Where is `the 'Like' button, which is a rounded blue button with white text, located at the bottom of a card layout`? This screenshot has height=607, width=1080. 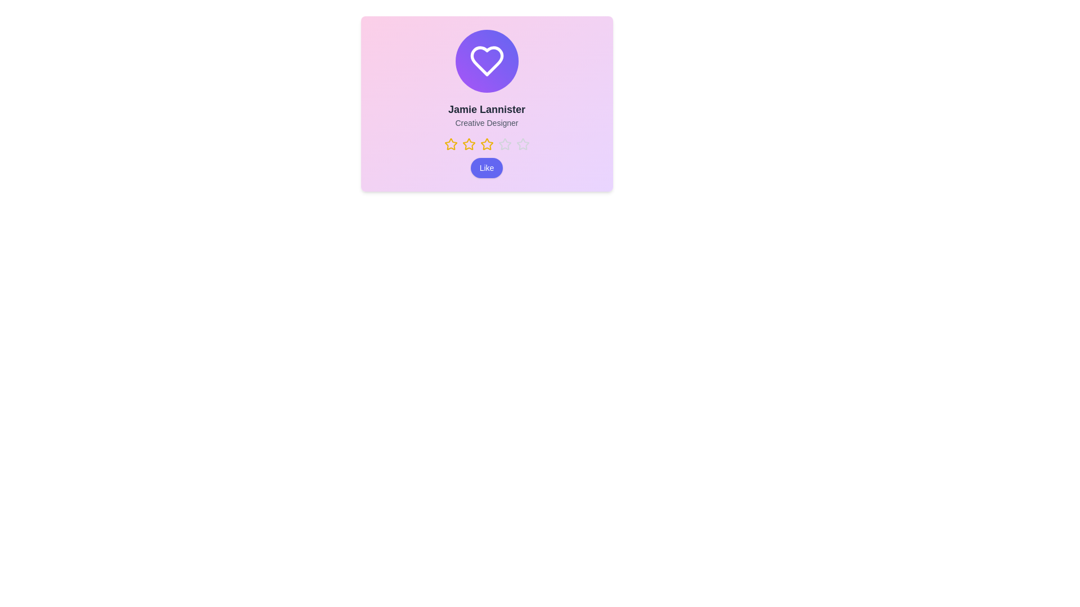 the 'Like' button, which is a rounded blue button with white text, located at the bottom of a card layout is located at coordinates (487, 168).